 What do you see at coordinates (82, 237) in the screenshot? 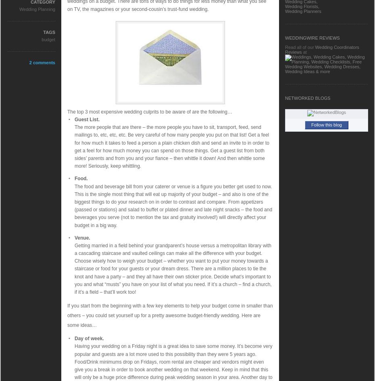
I see `'Venue.'` at bounding box center [82, 237].